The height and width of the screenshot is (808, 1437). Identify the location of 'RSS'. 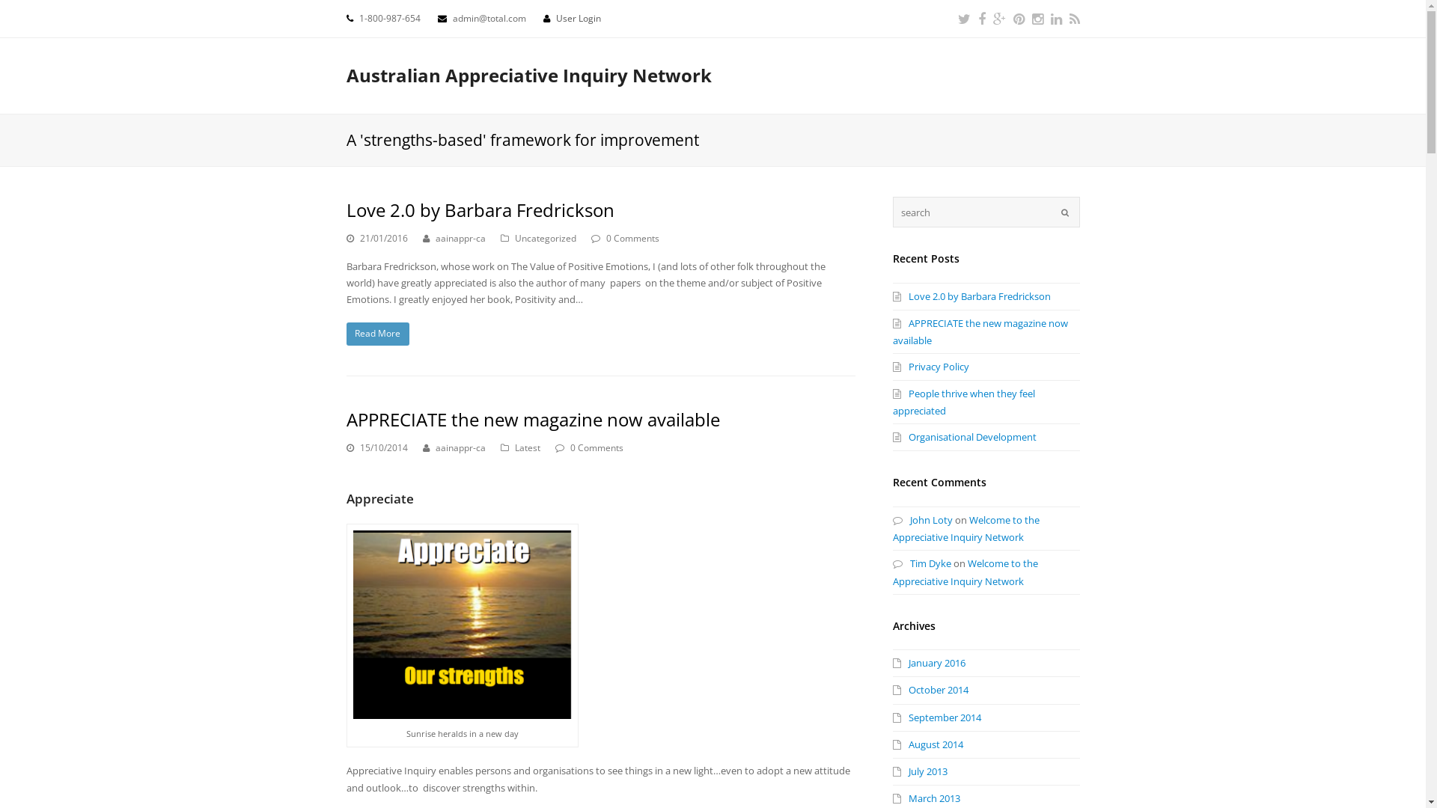
(1068, 18).